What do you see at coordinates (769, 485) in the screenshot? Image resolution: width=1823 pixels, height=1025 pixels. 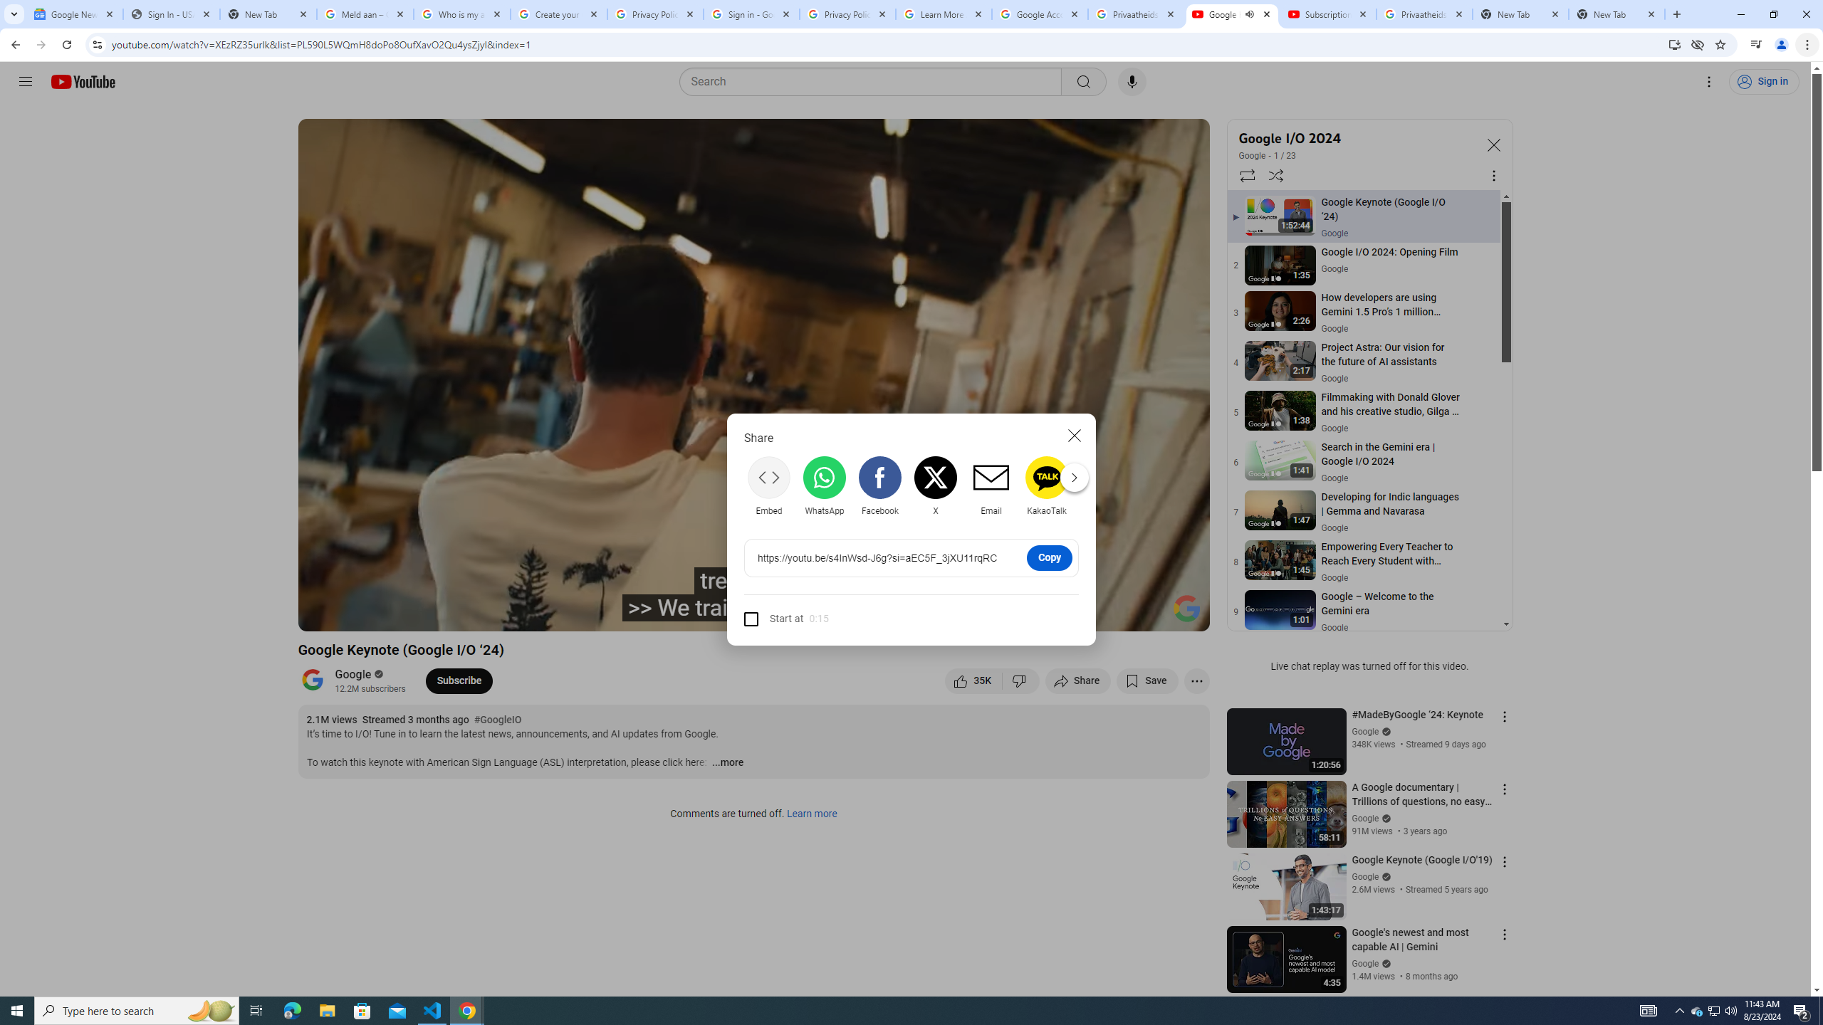 I see `'Embed'` at bounding box center [769, 485].